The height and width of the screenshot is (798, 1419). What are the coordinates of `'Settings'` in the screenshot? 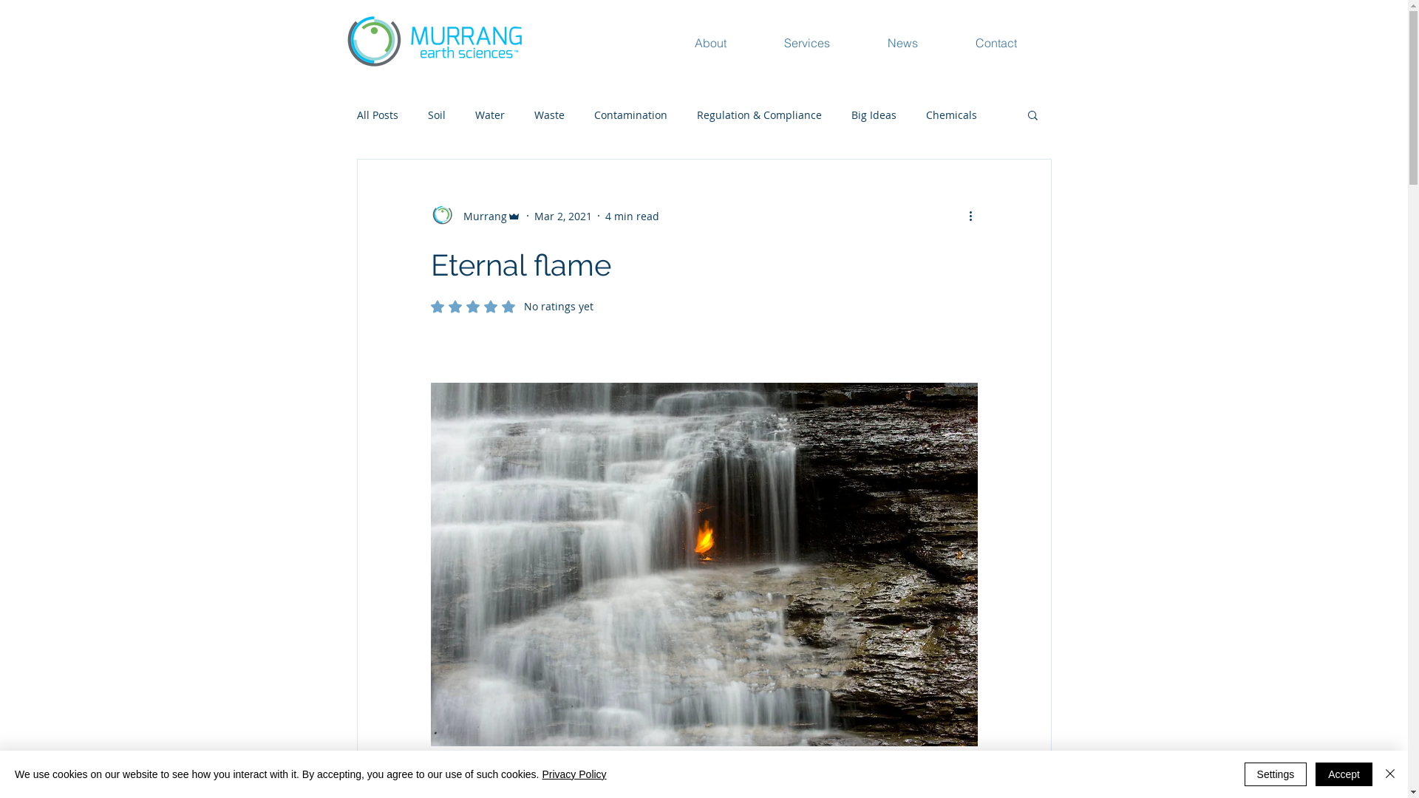 It's located at (1275, 774).